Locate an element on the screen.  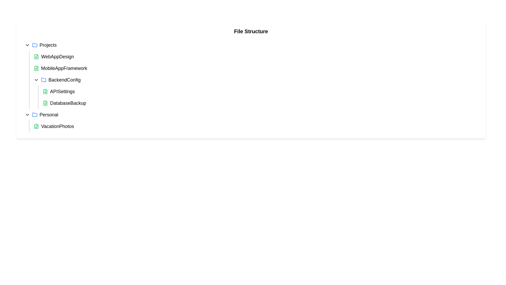
the 'MobileAppFramework' file icon located under the 'Projects' section is located at coordinates (36, 68).